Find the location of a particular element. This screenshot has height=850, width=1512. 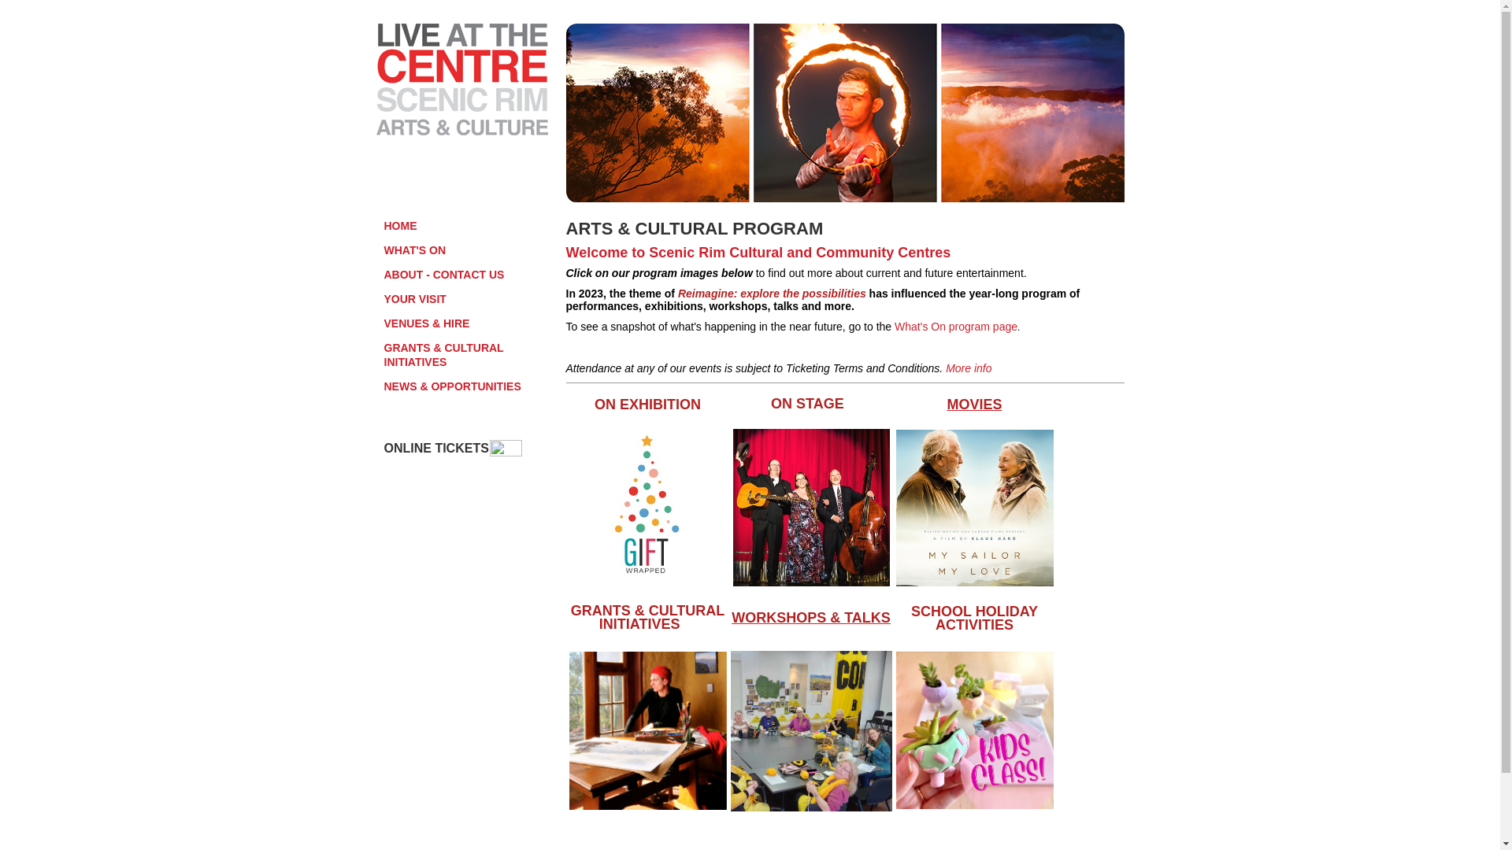

'GRANTS & CULTURAL INITIATIVES' is located at coordinates (569, 618).